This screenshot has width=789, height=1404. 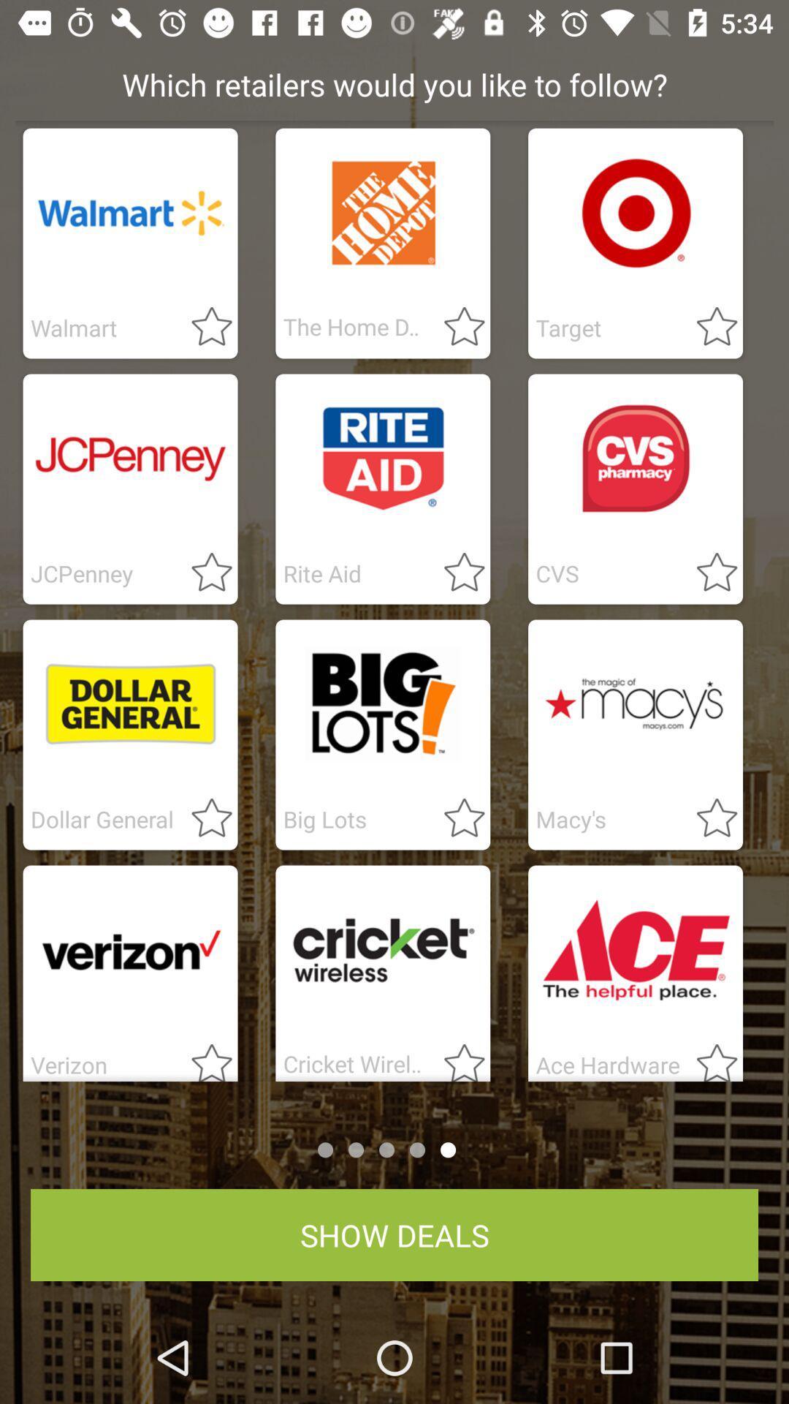 What do you see at coordinates (455, 819) in the screenshot?
I see `to favorite` at bounding box center [455, 819].